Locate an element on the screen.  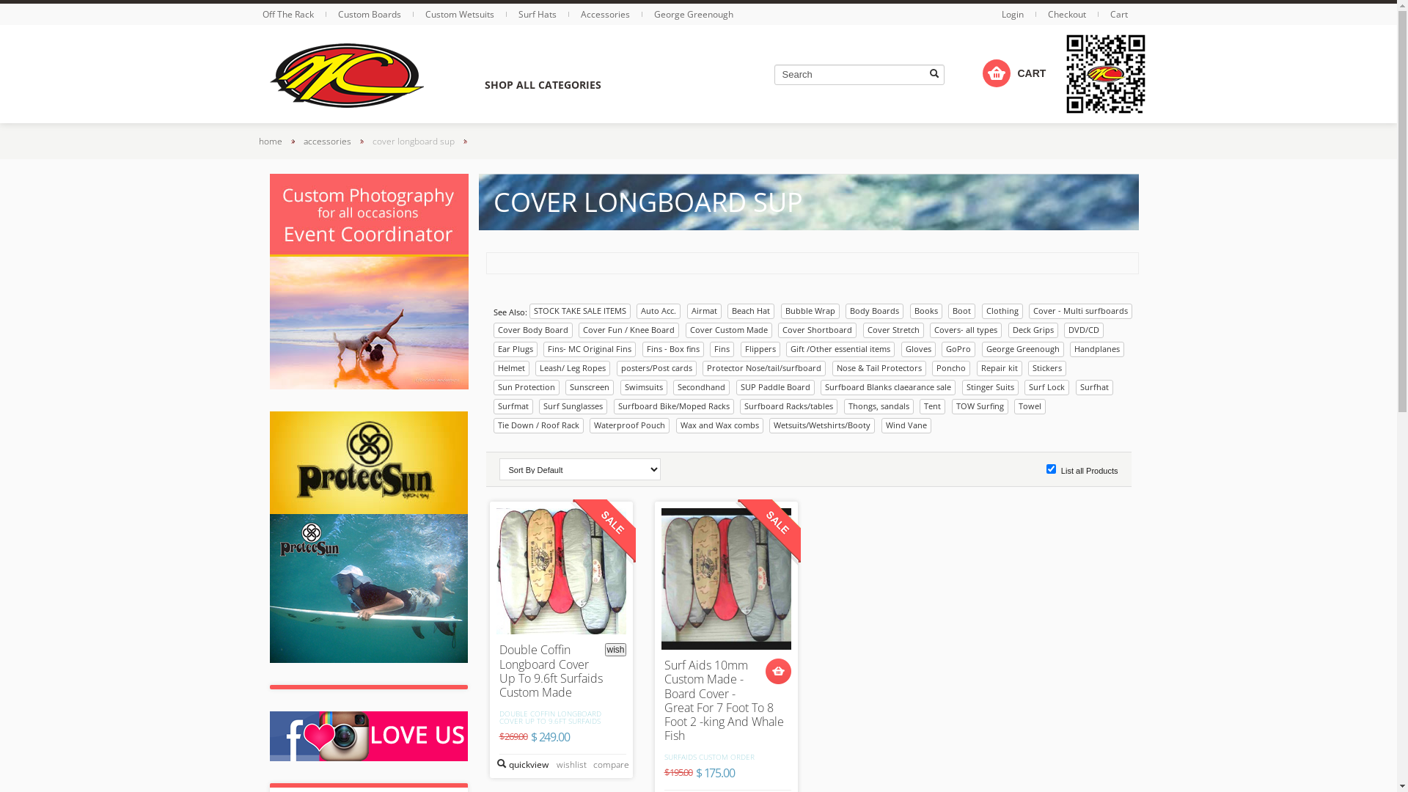
'Auto Acc.' is located at coordinates (637, 310).